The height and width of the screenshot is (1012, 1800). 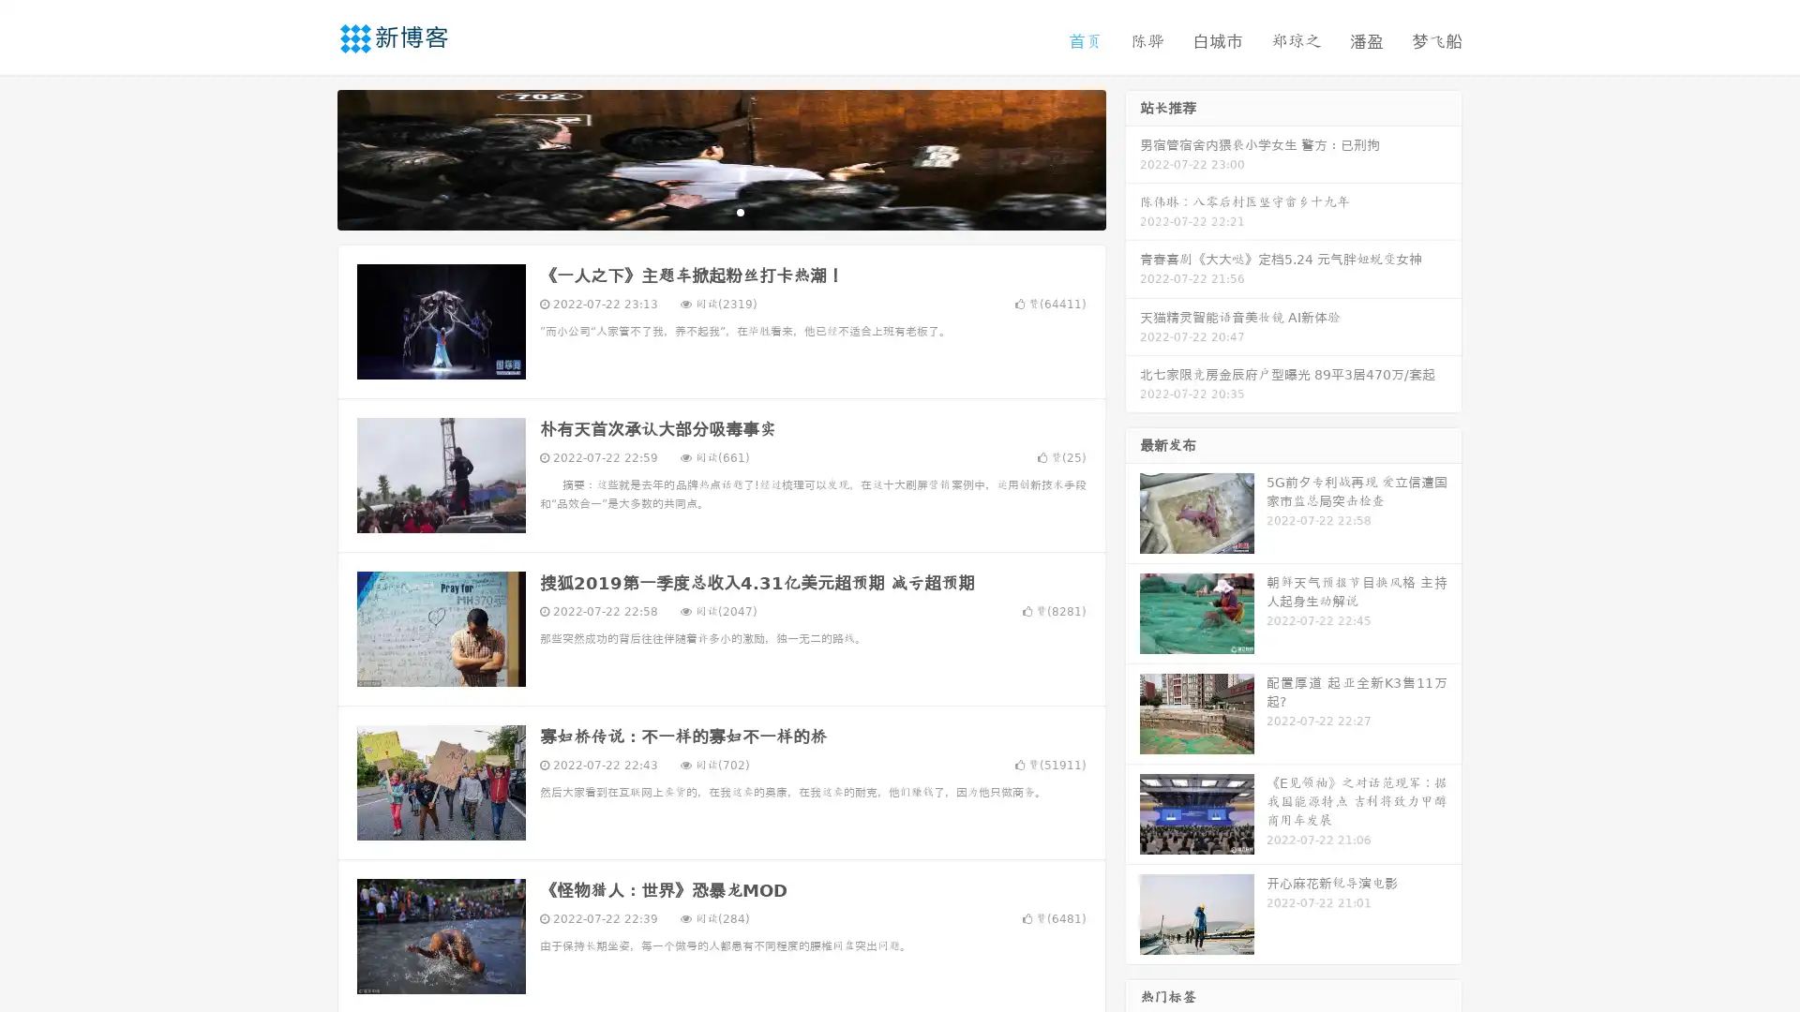 What do you see at coordinates (720, 211) in the screenshot?
I see `Go to slide 2` at bounding box center [720, 211].